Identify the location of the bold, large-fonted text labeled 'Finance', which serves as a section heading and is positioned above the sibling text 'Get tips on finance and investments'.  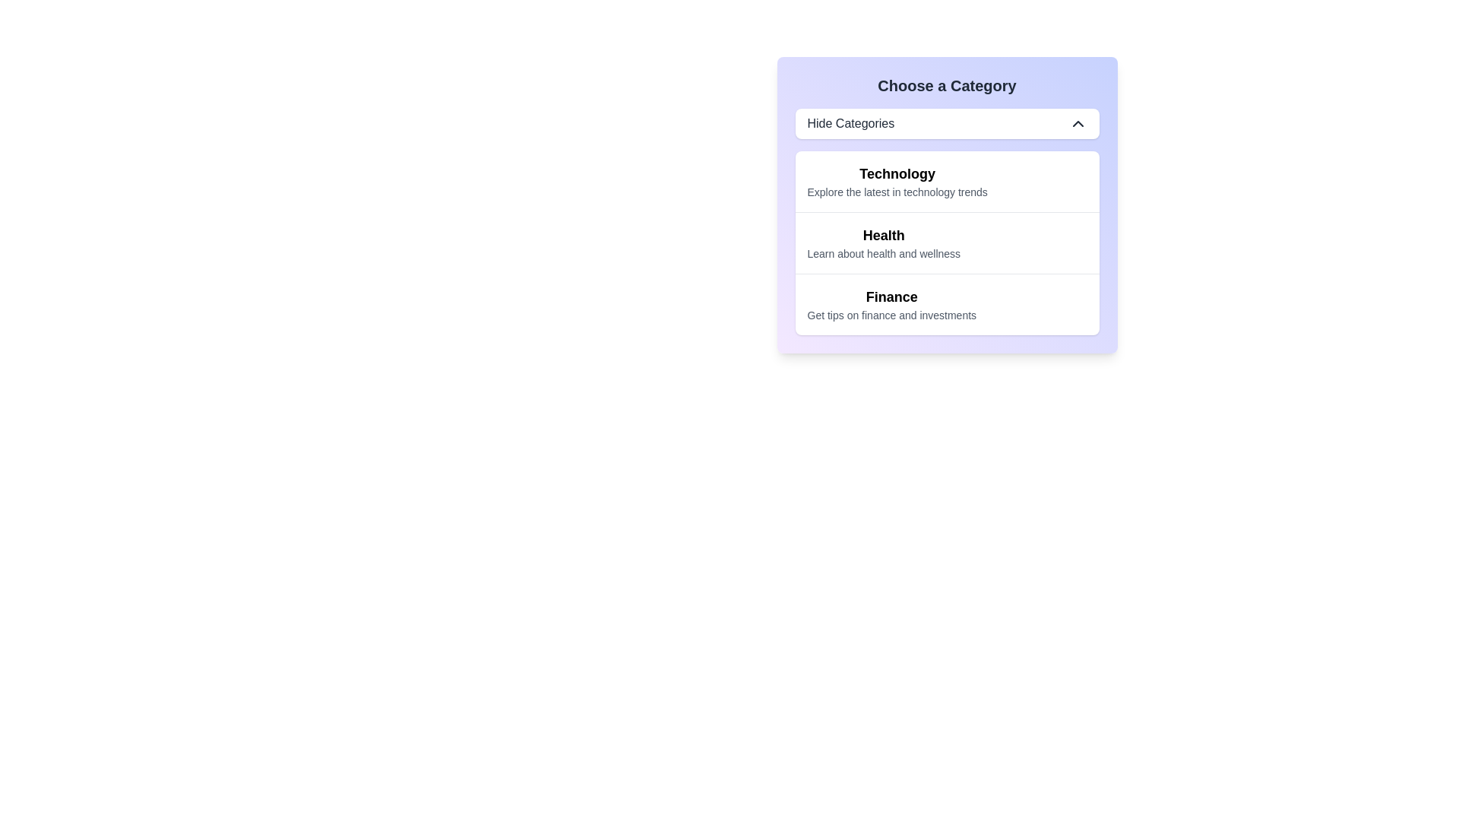
(891, 296).